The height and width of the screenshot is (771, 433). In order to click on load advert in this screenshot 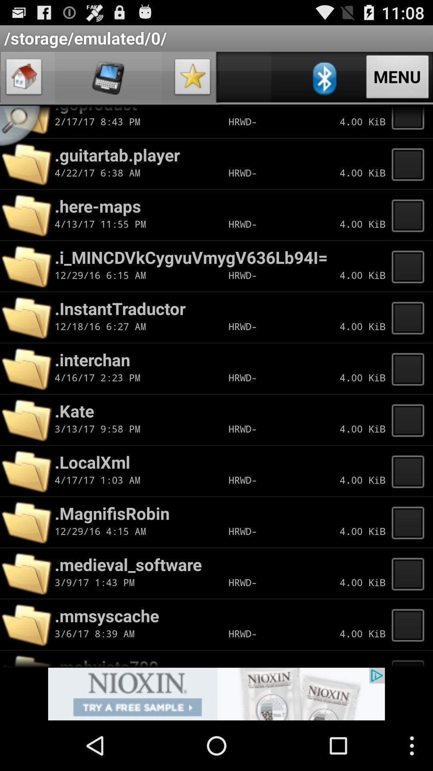, I will do `click(216, 693)`.